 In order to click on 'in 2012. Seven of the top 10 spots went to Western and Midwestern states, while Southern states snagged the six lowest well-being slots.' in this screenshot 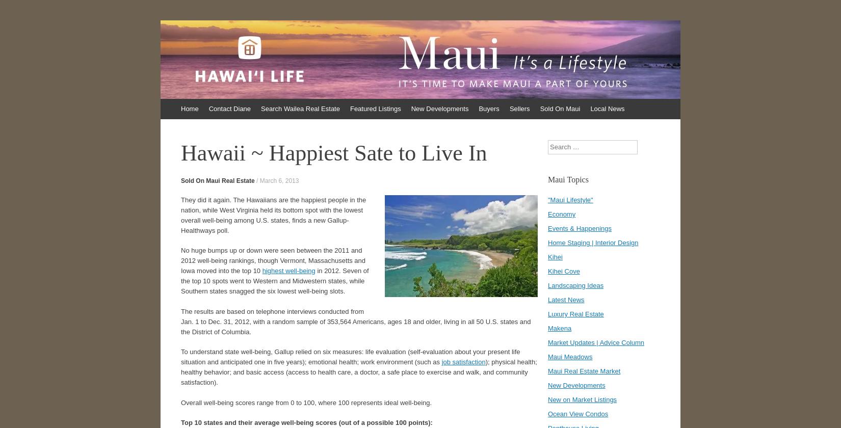, I will do `click(274, 281)`.